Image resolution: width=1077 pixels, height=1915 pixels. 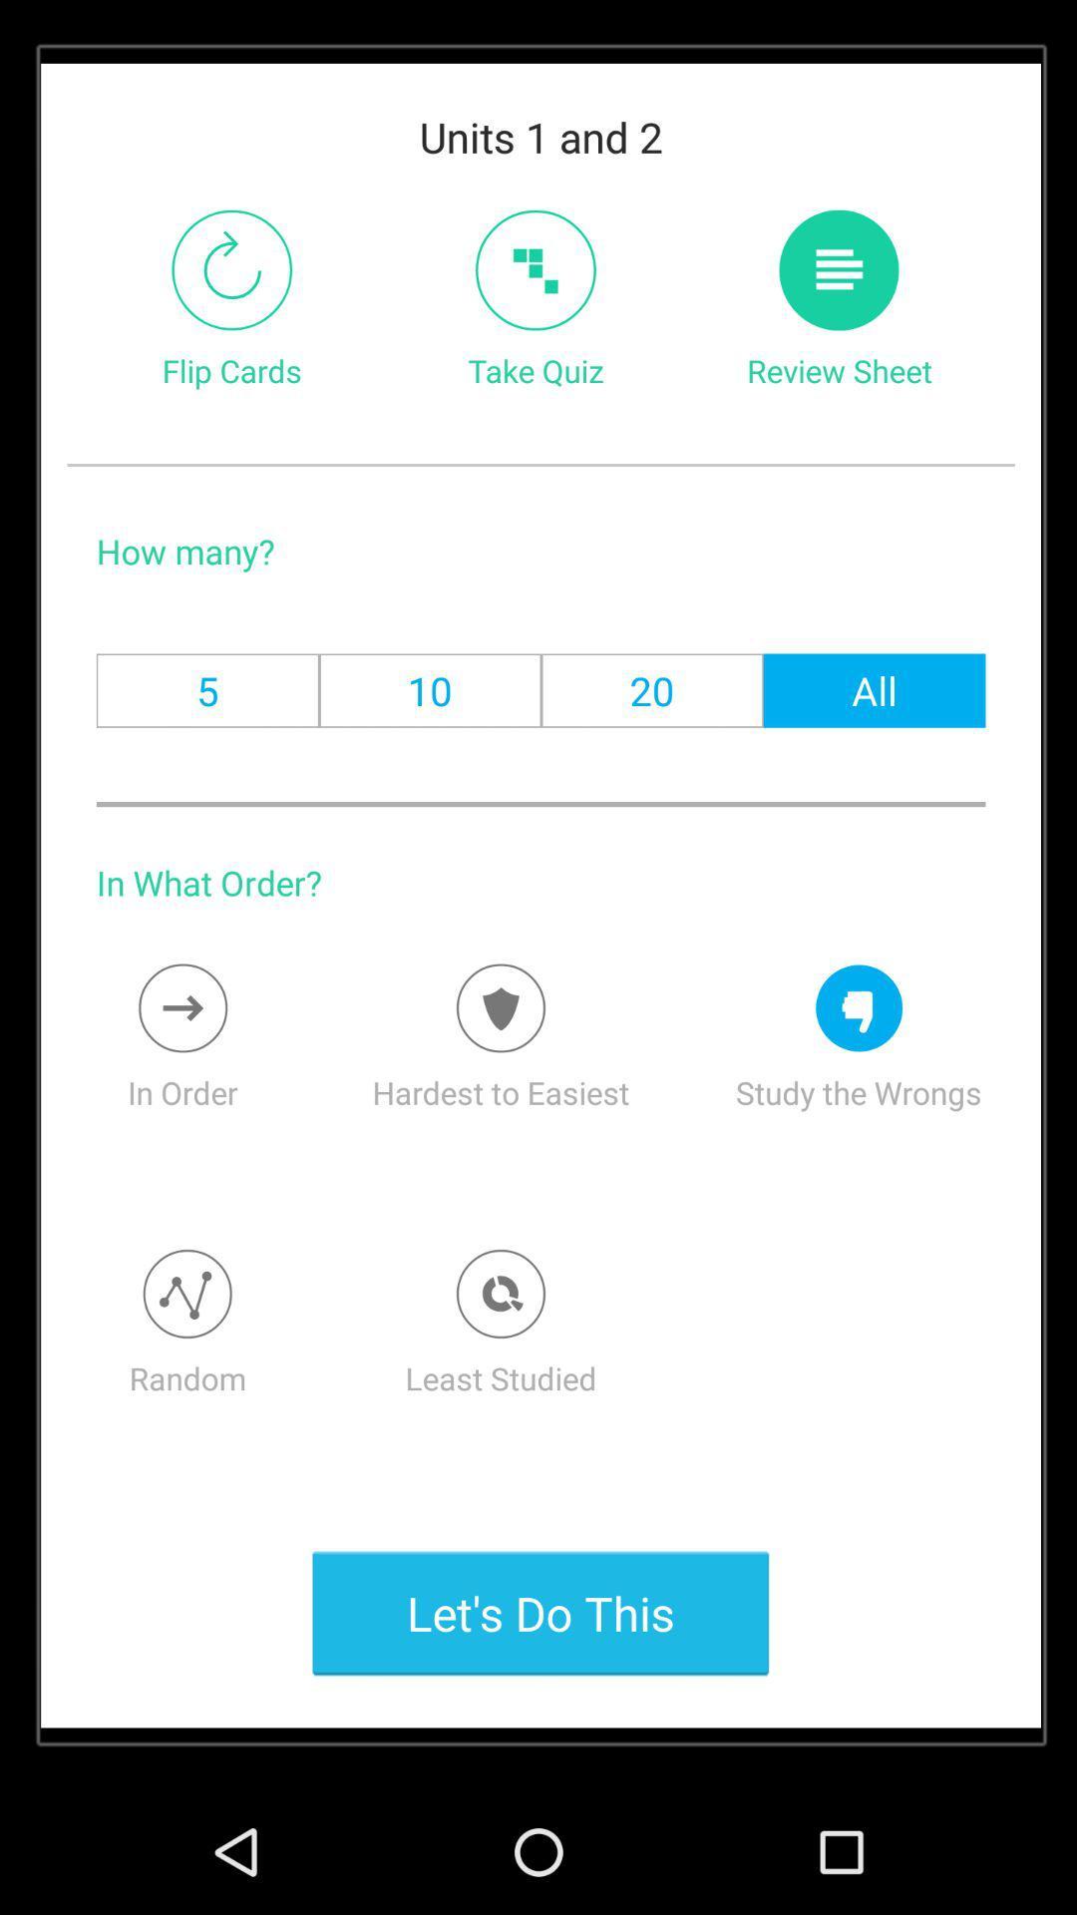 I want to click on begin with hardest test, so click(x=500, y=1008).